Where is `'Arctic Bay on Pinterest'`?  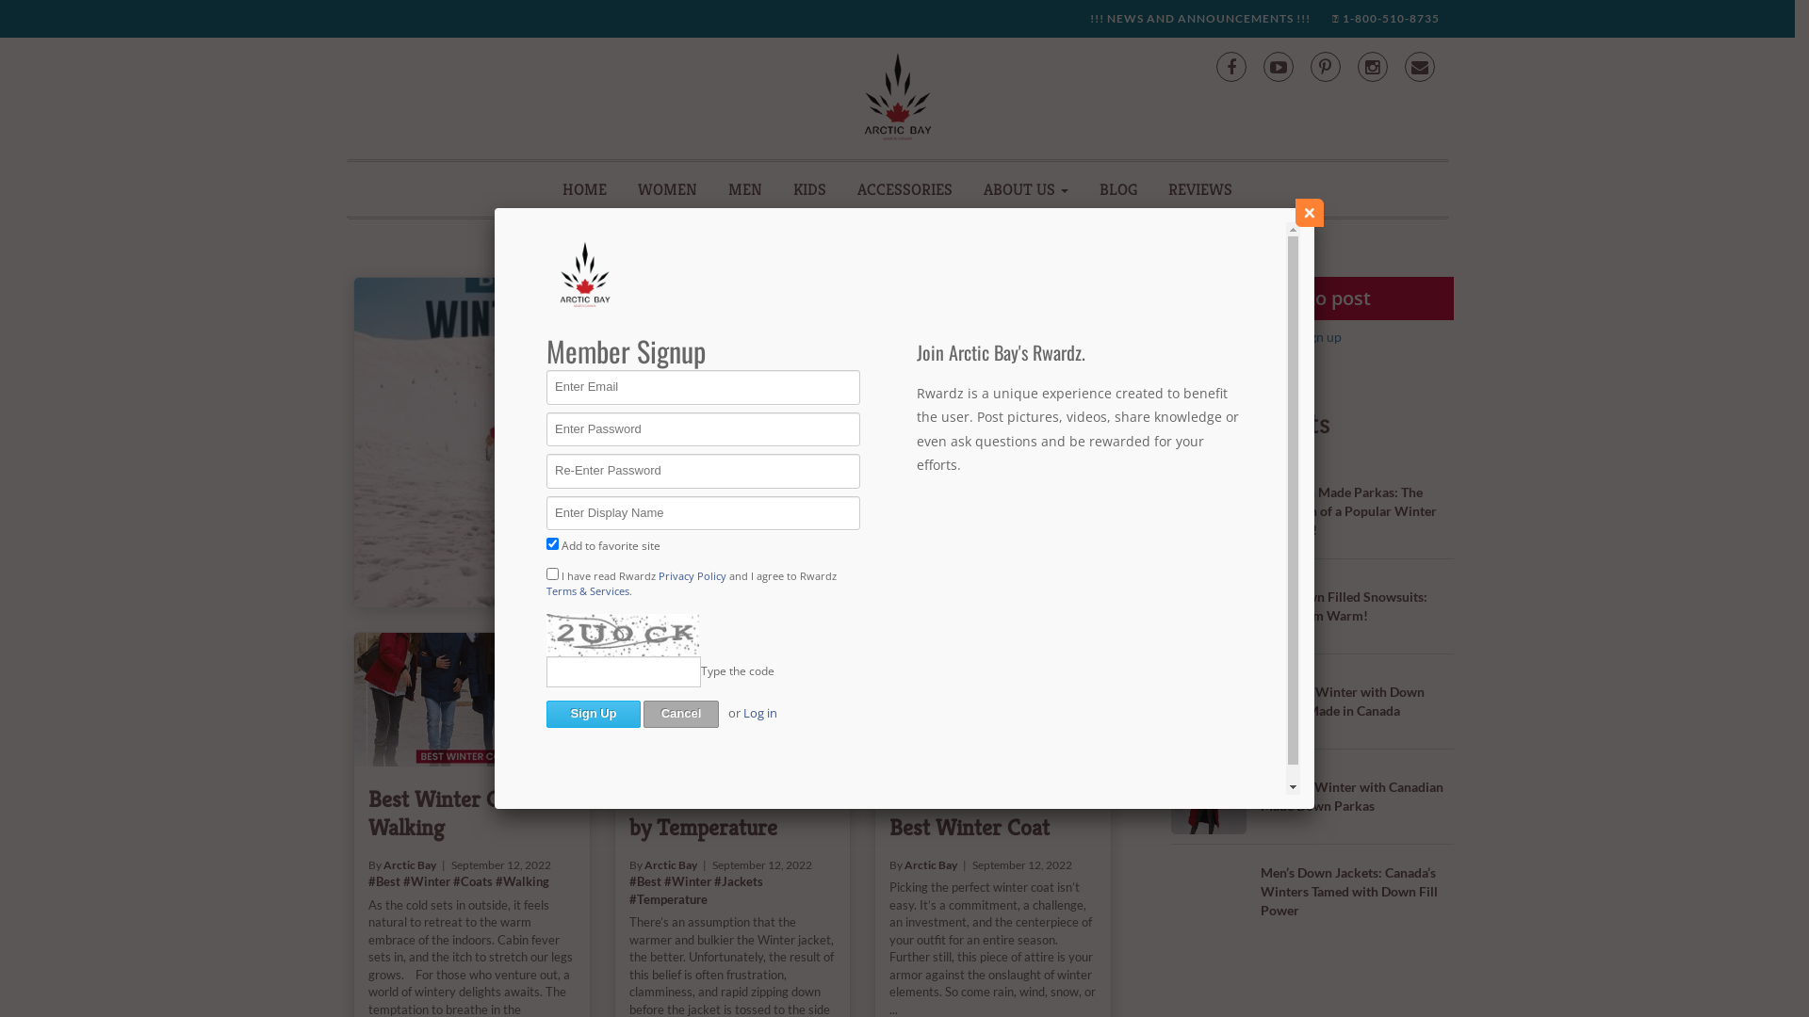
'Arctic Bay on Pinterest' is located at coordinates (1309, 65).